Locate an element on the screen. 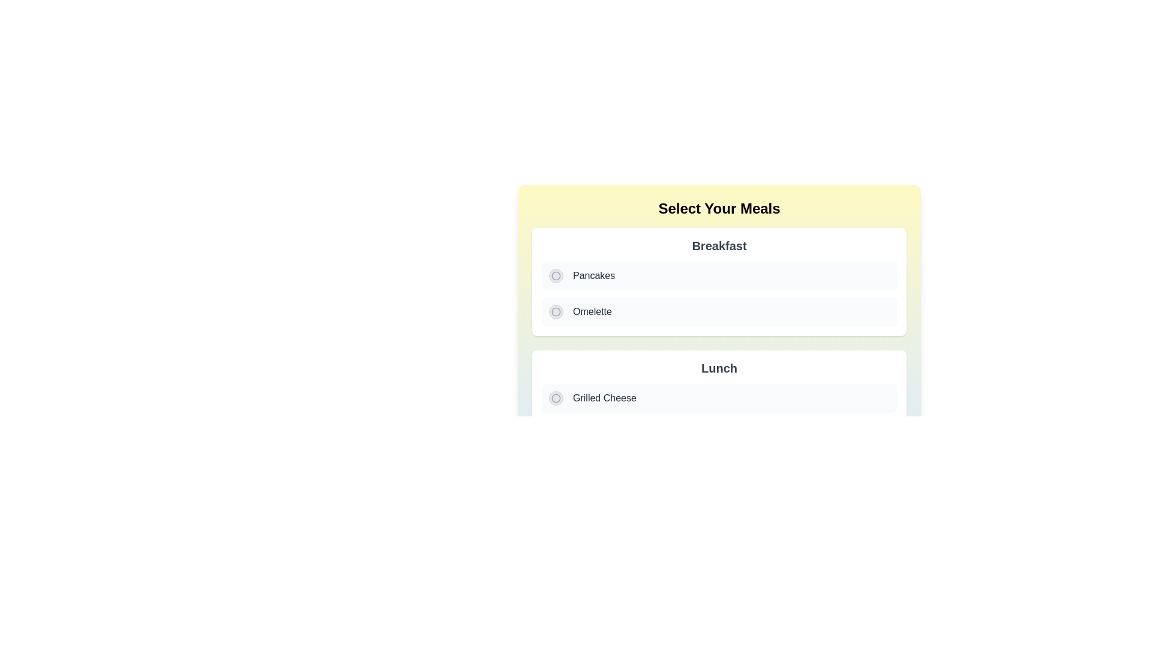  text label 'Breakfast' displayed in large, bold font at the top of the meal category section is located at coordinates (719, 245).